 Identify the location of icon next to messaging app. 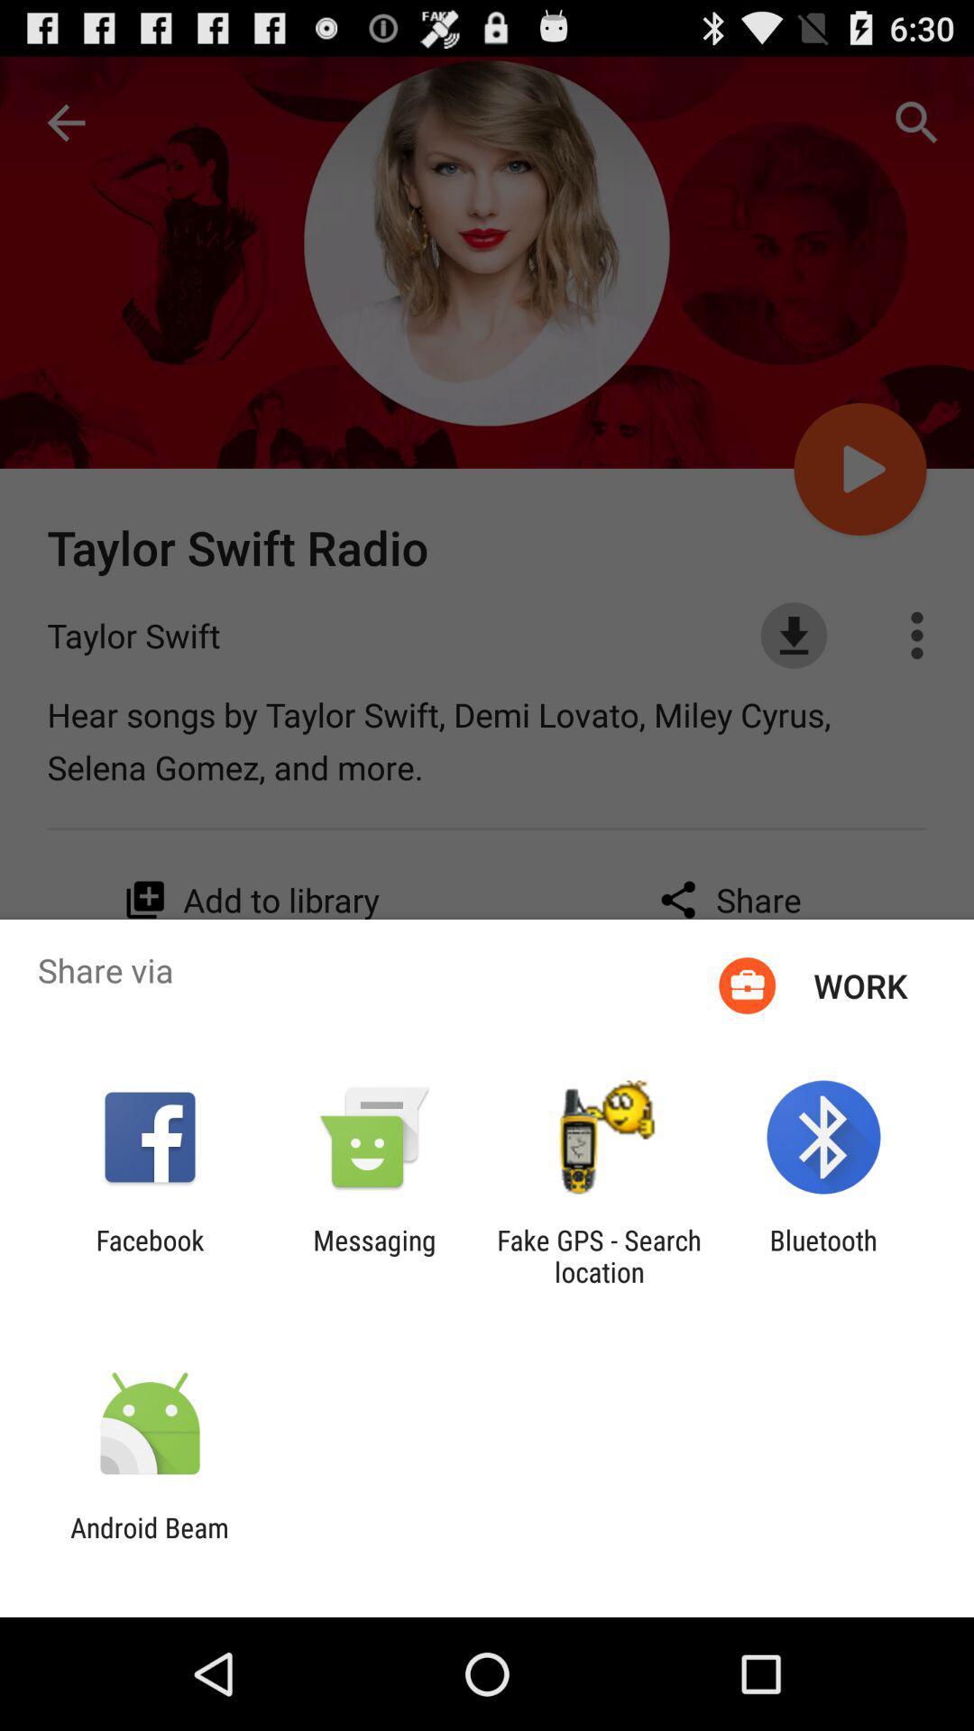
(149, 1255).